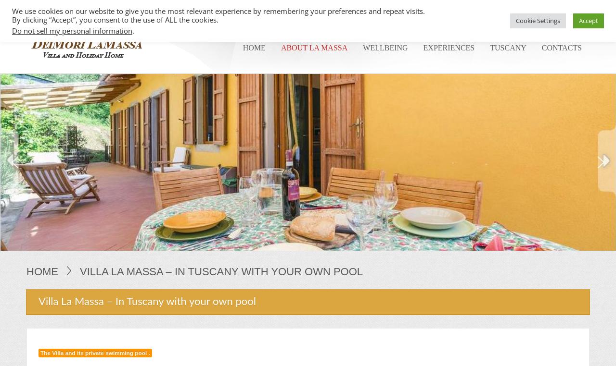 Image resolution: width=616 pixels, height=366 pixels. Describe the element at coordinates (588, 20) in the screenshot. I see `'Accept'` at that location.